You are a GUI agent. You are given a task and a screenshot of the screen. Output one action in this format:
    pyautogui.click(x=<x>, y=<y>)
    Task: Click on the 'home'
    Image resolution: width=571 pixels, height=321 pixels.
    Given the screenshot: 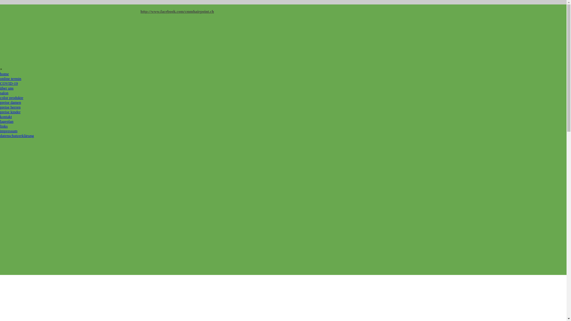 What is the action you would take?
    pyautogui.click(x=4, y=73)
    